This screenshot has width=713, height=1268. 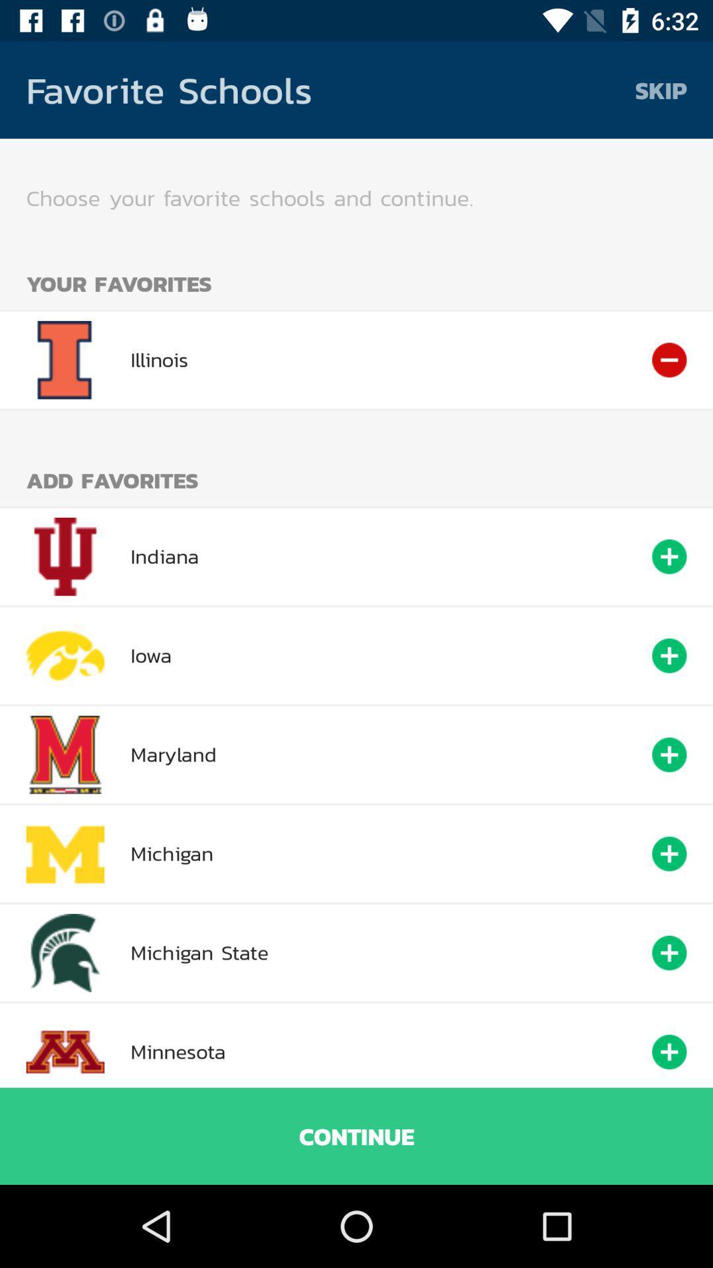 I want to click on the item to the right of the favorite schools item, so click(x=661, y=89).